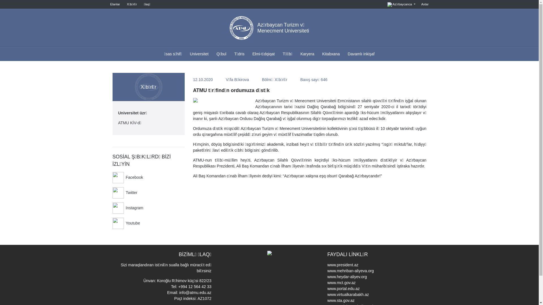  What do you see at coordinates (148, 177) in the screenshot?
I see `'Facebook'` at bounding box center [148, 177].